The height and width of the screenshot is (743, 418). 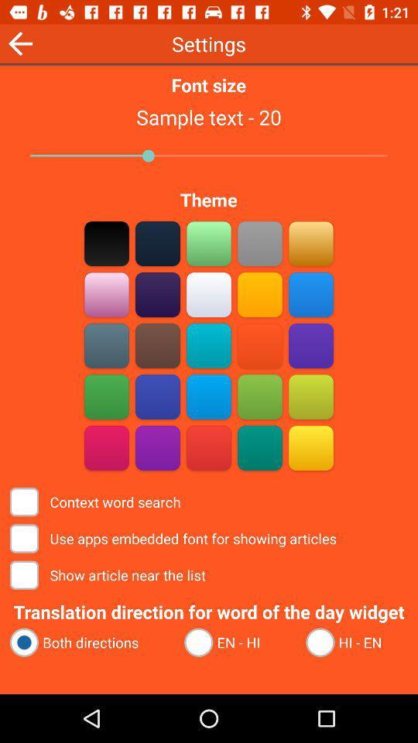 I want to click on item below the use apps embedded, so click(x=108, y=574).